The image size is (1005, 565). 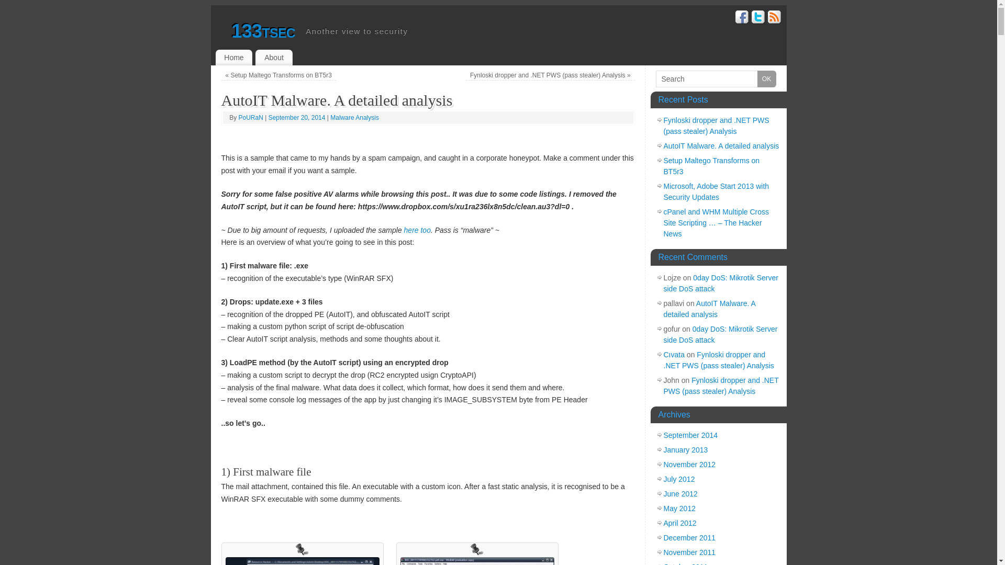 I want to click on 'April 2012', so click(x=663, y=523).